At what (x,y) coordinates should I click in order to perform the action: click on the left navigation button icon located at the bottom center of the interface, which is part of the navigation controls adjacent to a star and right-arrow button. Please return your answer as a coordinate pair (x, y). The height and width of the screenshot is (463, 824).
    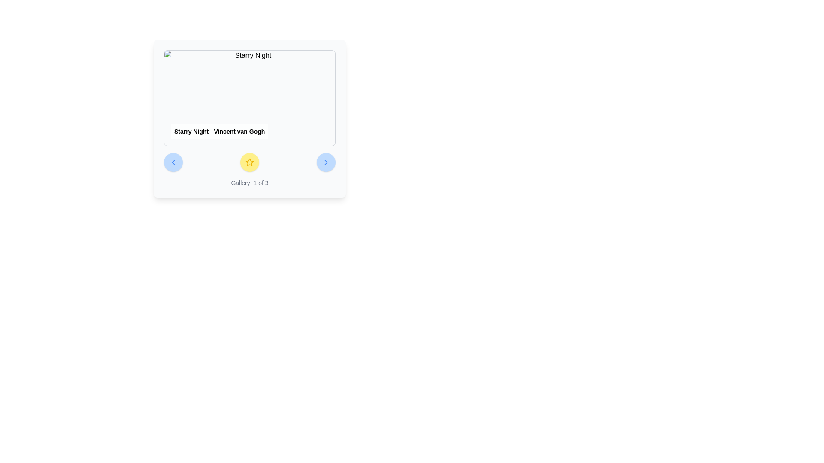
    Looking at the image, I should click on (173, 162).